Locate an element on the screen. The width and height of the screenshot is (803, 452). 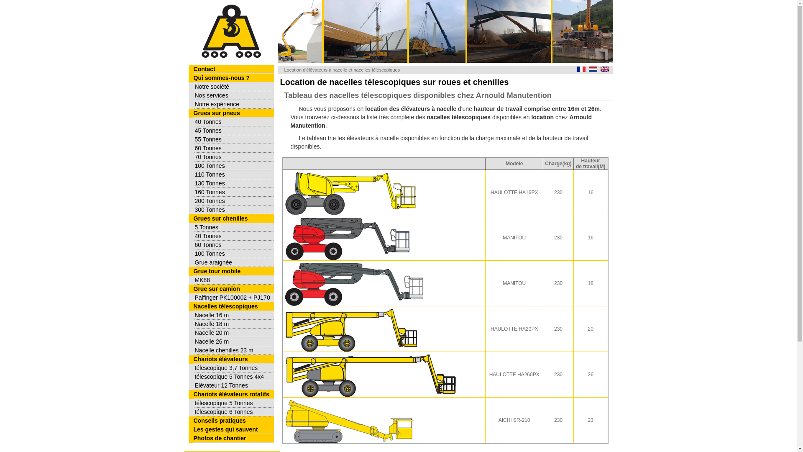
'300 Tonnes' is located at coordinates (234, 209).